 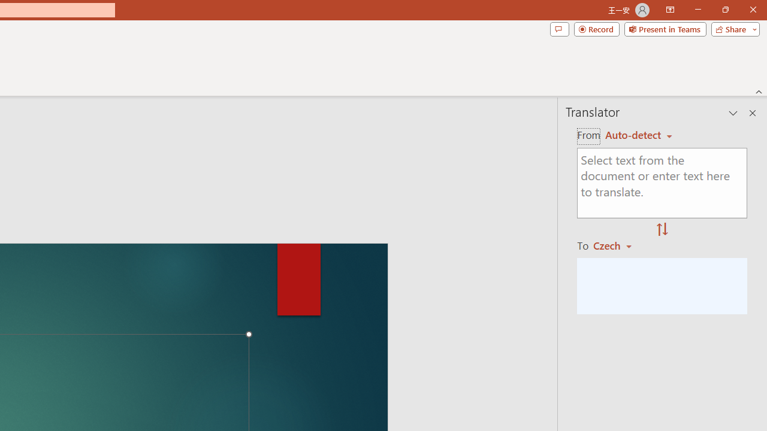 What do you see at coordinates (665, 28) in the screenshot?
I see `'Present in Teams'` at bounding box center [665, 28].